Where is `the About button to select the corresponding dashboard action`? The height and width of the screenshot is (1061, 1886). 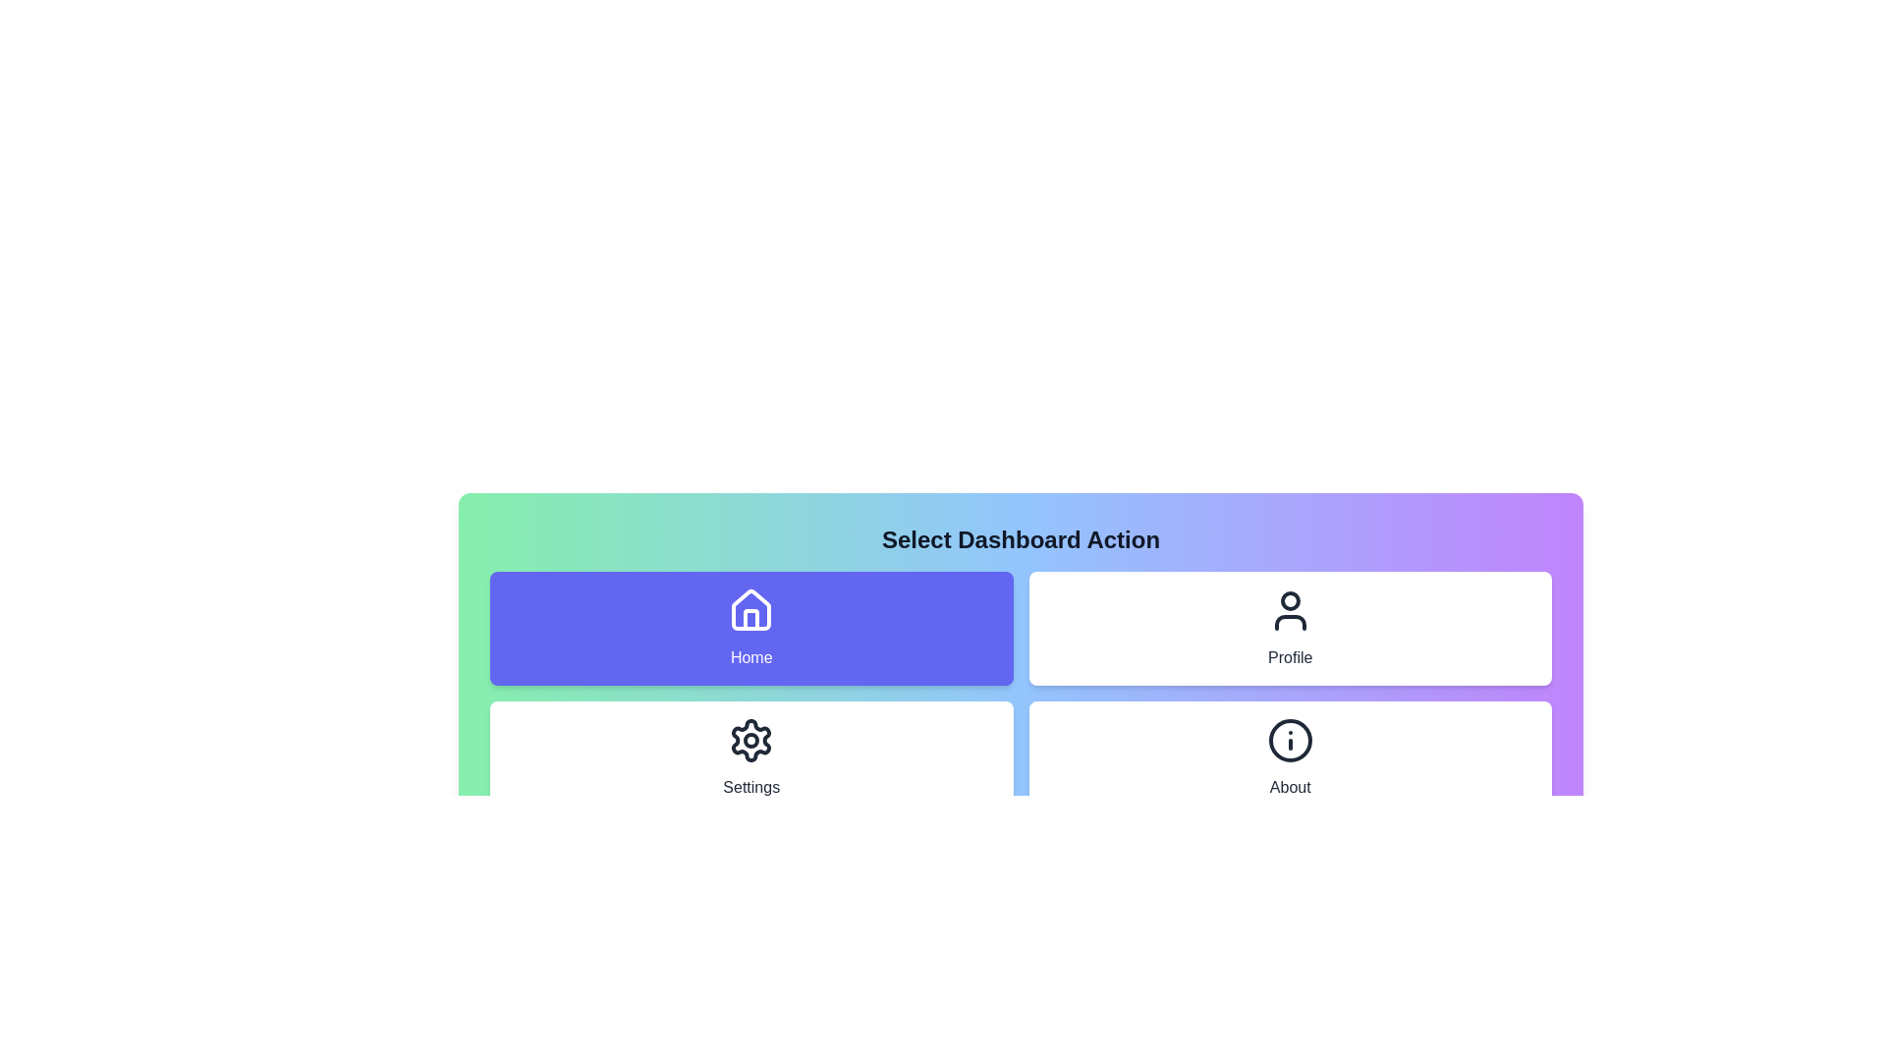
the About button to select the corresponding dashboard action is located at coordinates (1290, 756).